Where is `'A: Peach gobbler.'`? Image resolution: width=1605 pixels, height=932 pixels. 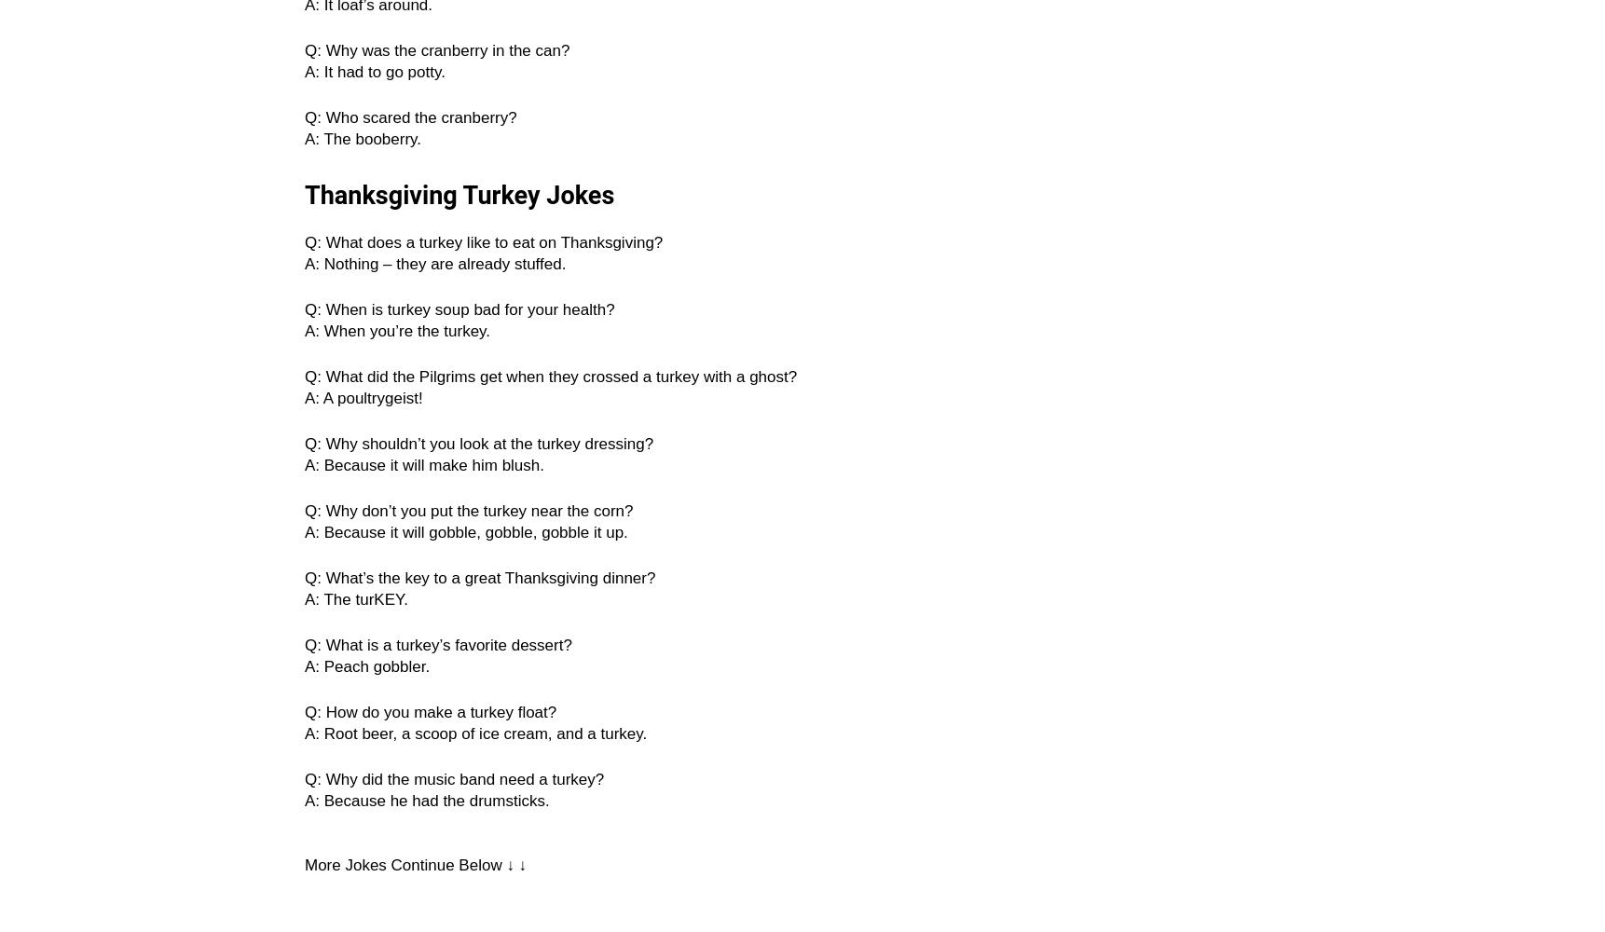 'A: Peach gobbler.' is located at coordinates (366, 665).